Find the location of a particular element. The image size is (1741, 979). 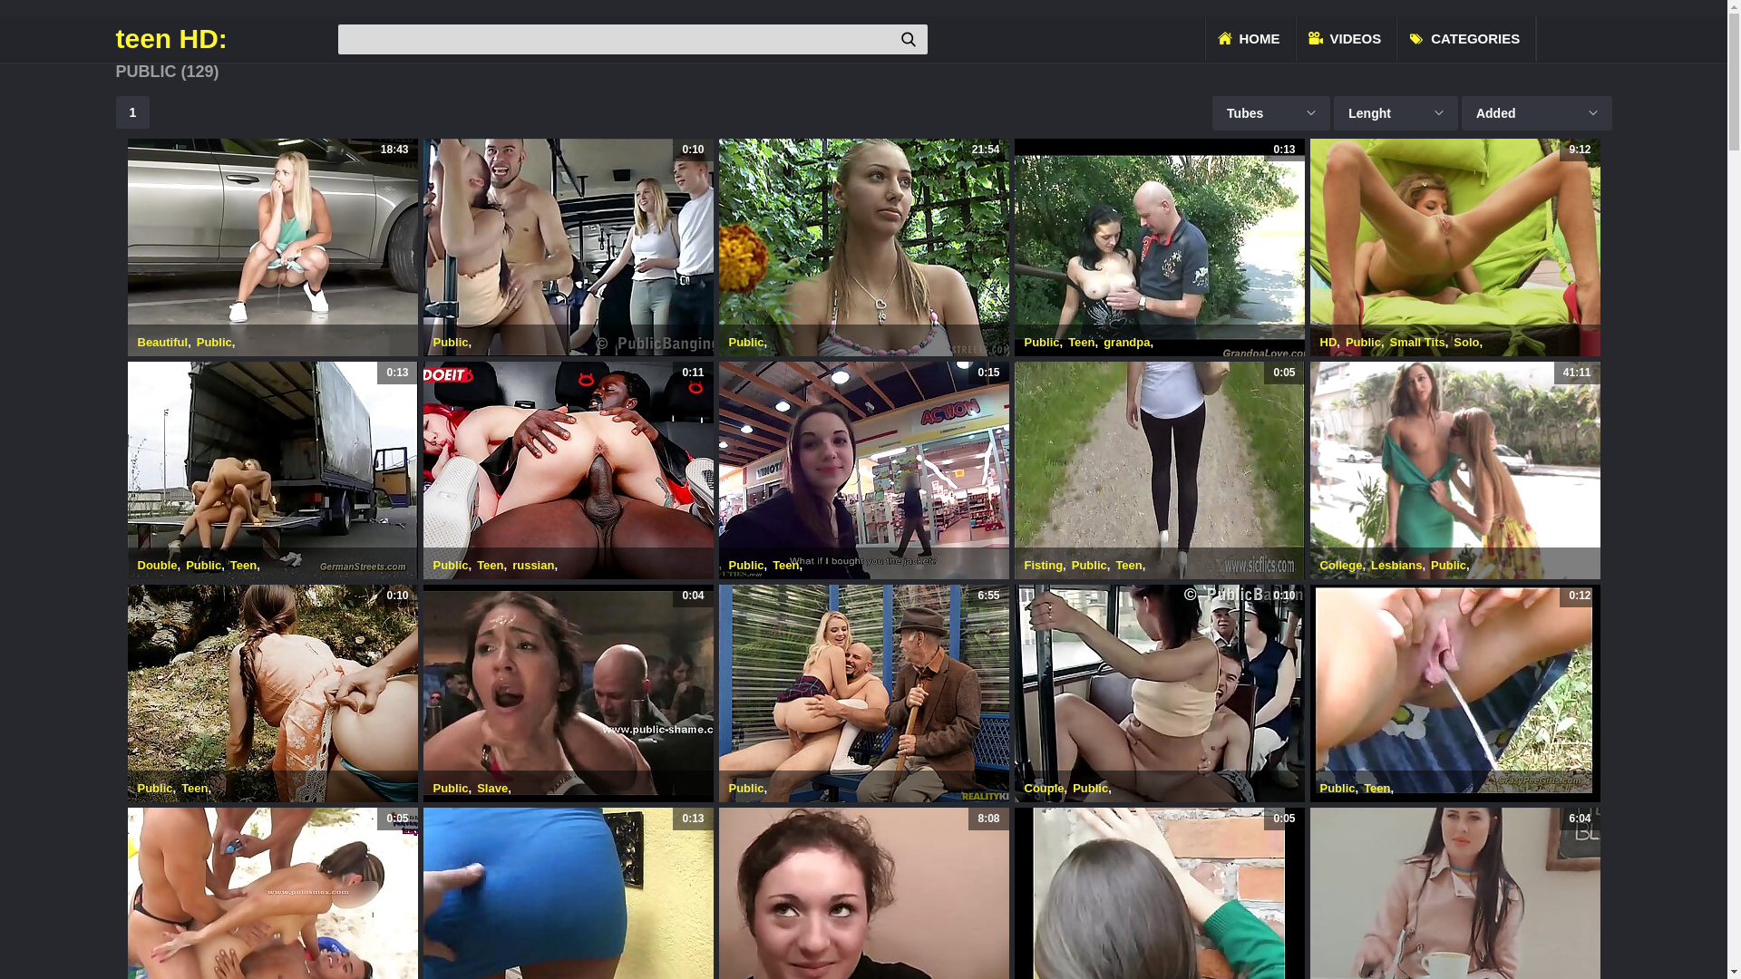

'1' is located at coordinates (132, 111).